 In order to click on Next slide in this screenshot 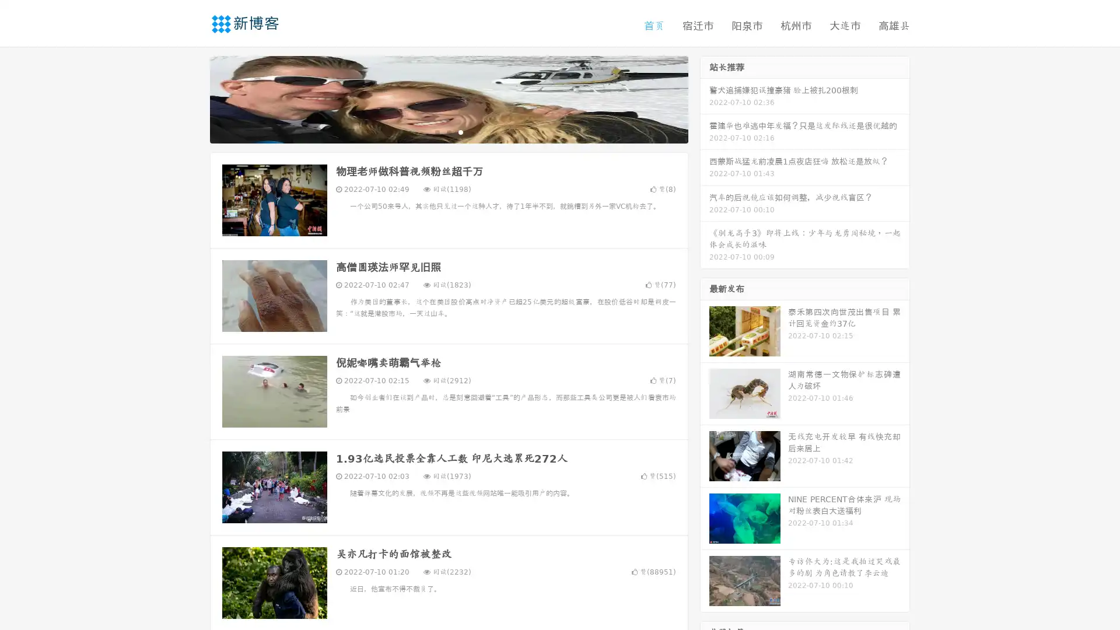, I will do `click(705, 98)`.